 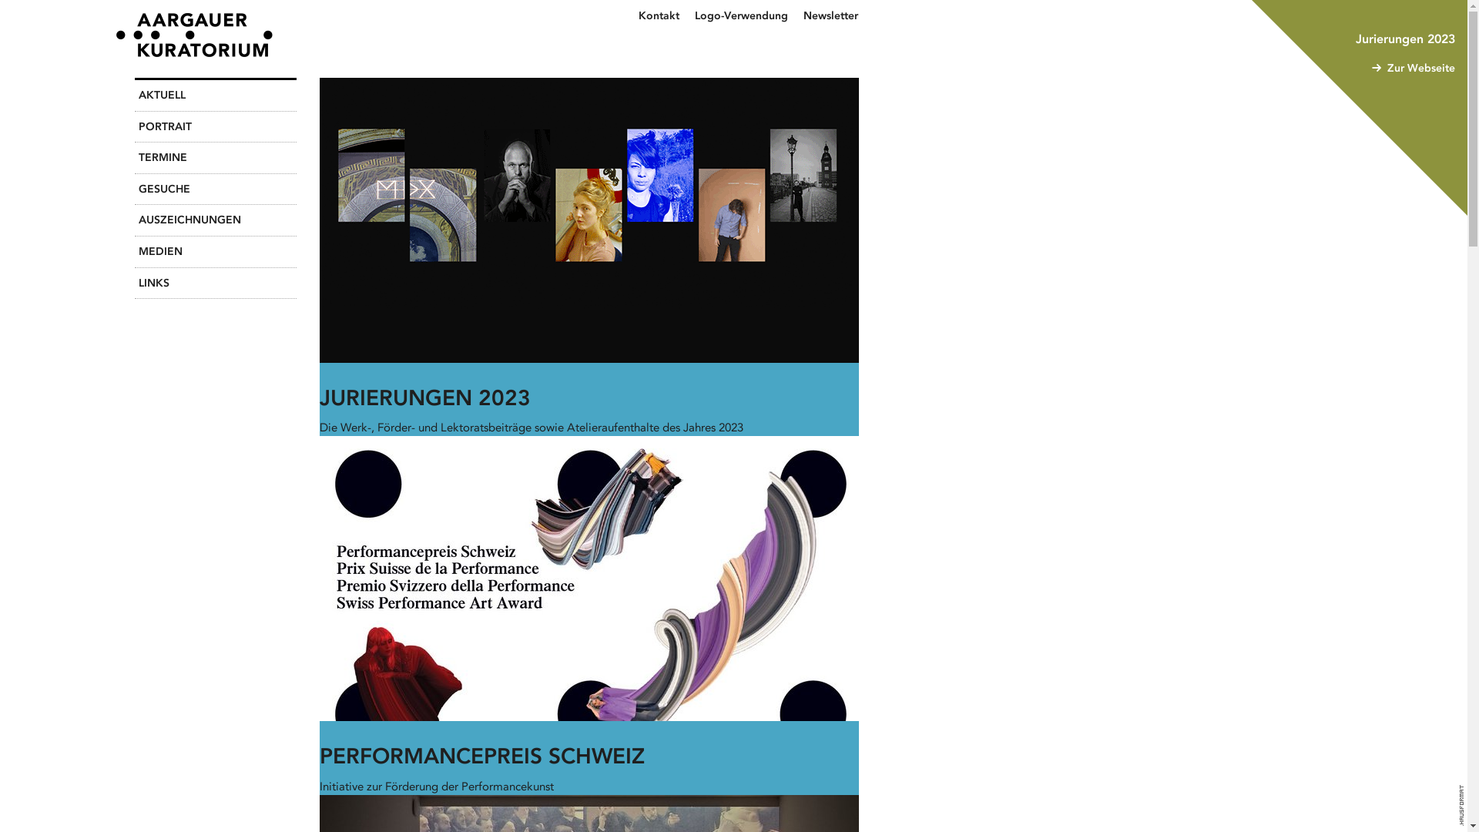 What do you see at coordinates (214, 220) in the screenshot?
I see `'AUSZEICHNUNGEN'` at bounding box center [214, 220].